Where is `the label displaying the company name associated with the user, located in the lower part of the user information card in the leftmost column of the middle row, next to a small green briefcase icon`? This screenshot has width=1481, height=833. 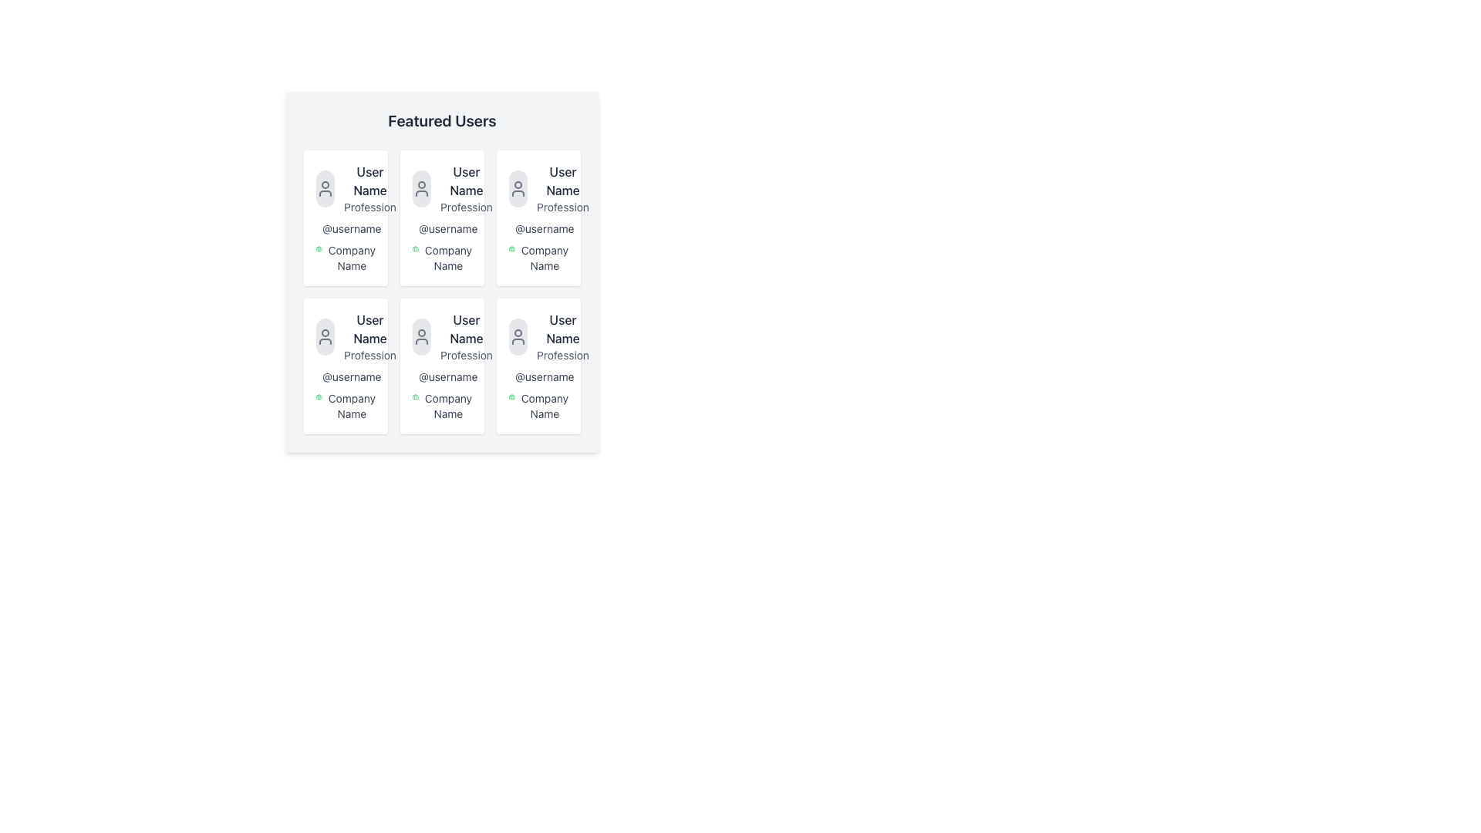 the label displaying the company name associated with the user, located in the lower part of the user information card in the leftmost column of the middle row, next to a small green briefcase icon is located at coordinates (345, 258).